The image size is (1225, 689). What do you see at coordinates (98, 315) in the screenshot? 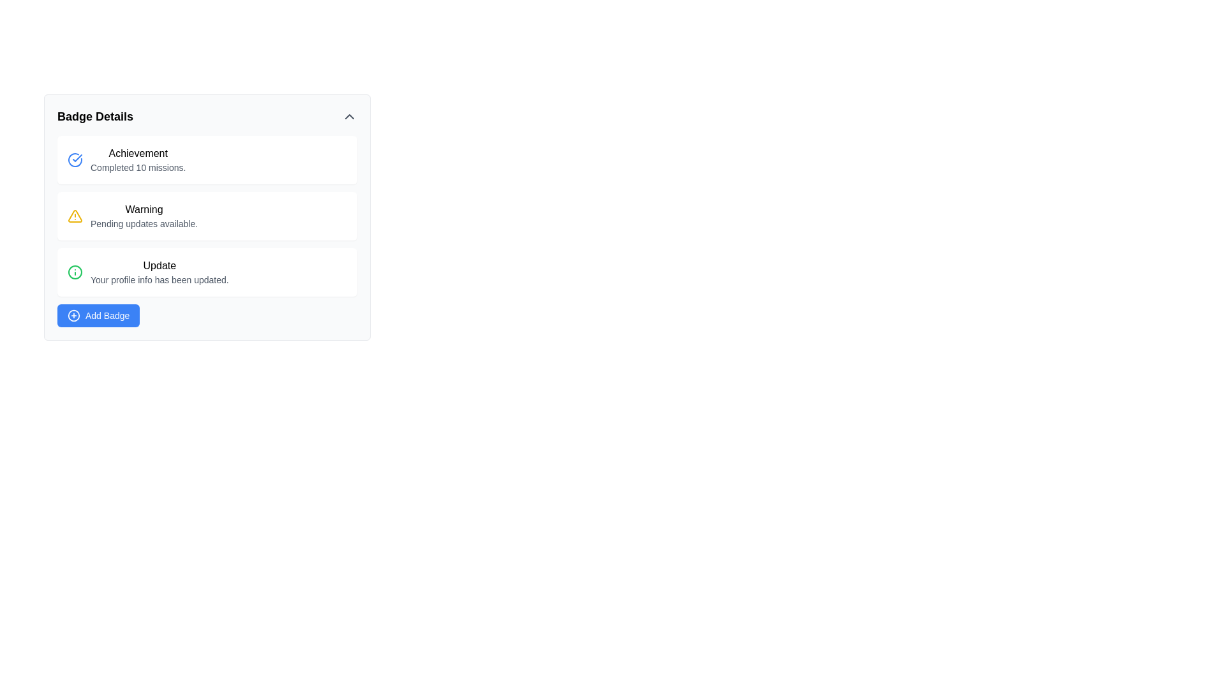
I see `the button located at the bottom of the 'Badge Details' section, directly below the 'Update' card` at bounding box center [98, 315].